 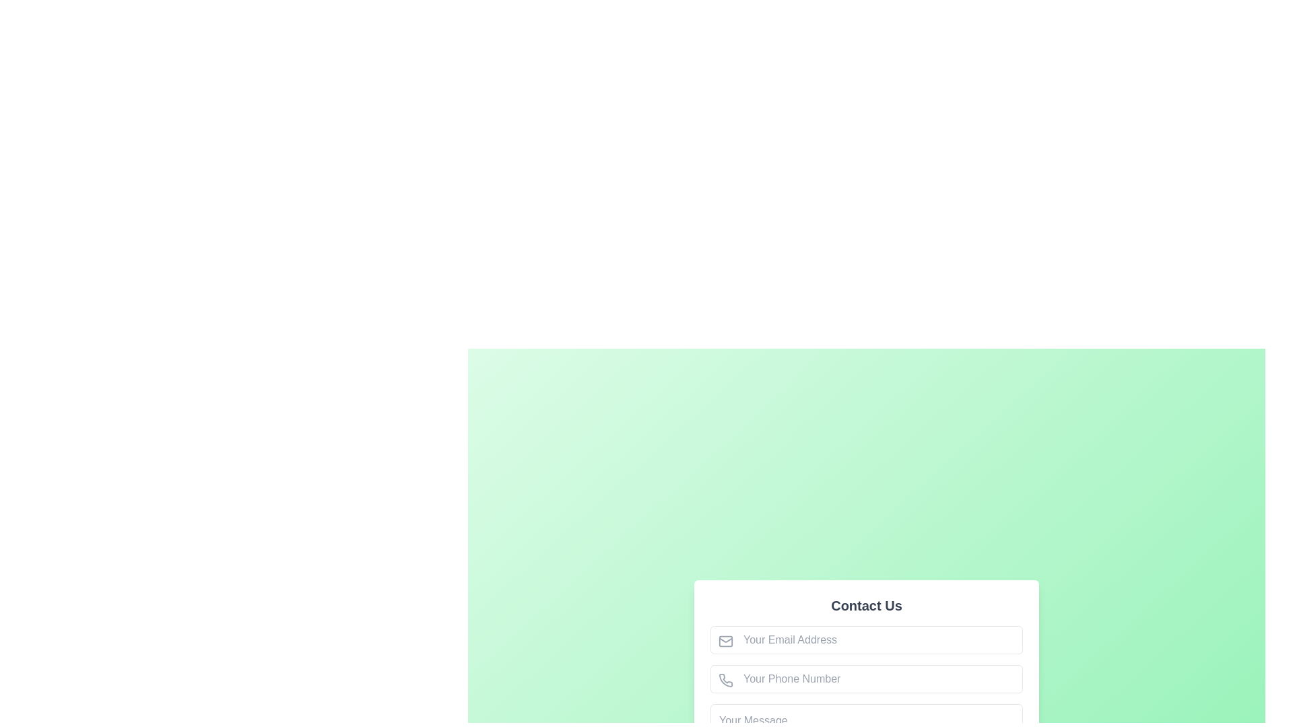 I want to click on the email input field icon located at the top-left corner of the email text box, which visually indicates the purpose of entering an email address, so click(x=725, y=640).